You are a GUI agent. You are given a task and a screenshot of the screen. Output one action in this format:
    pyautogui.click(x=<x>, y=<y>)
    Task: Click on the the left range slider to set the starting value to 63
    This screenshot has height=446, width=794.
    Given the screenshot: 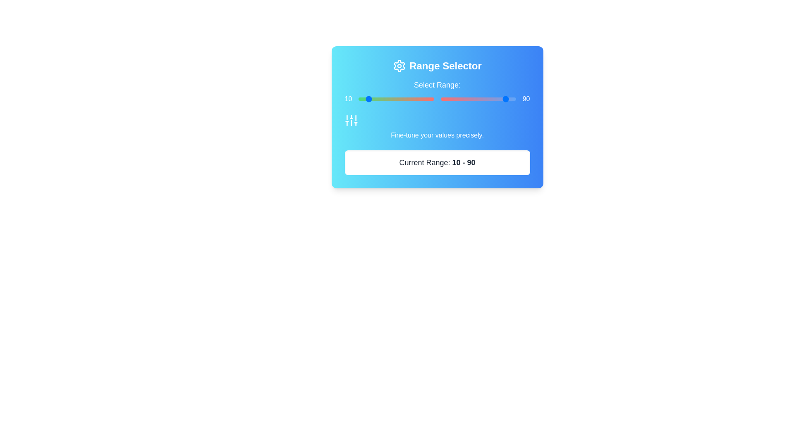 What is the action you would take?
    pyautogui.click(x=406, y=98)
    